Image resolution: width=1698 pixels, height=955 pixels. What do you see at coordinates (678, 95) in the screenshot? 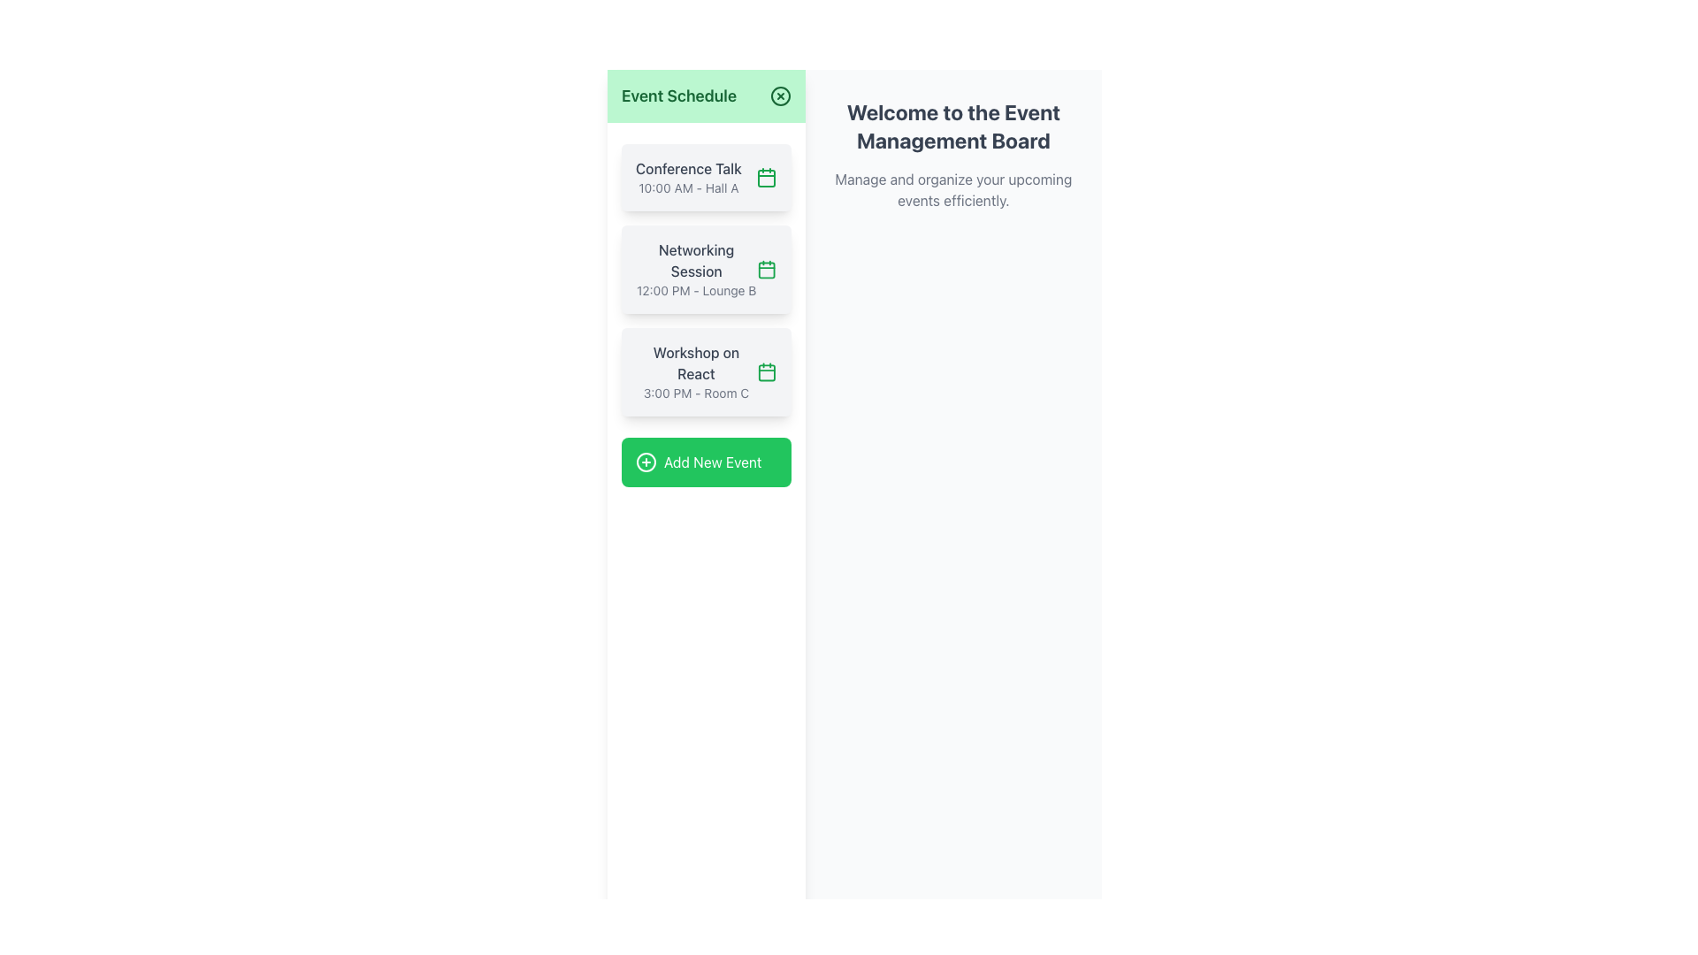
I see `the bold, green-colored text label reading 'Event Schedule' located at the top of the left sidebar, which is positioned within a green header bar` at bounding box center [678, 95].